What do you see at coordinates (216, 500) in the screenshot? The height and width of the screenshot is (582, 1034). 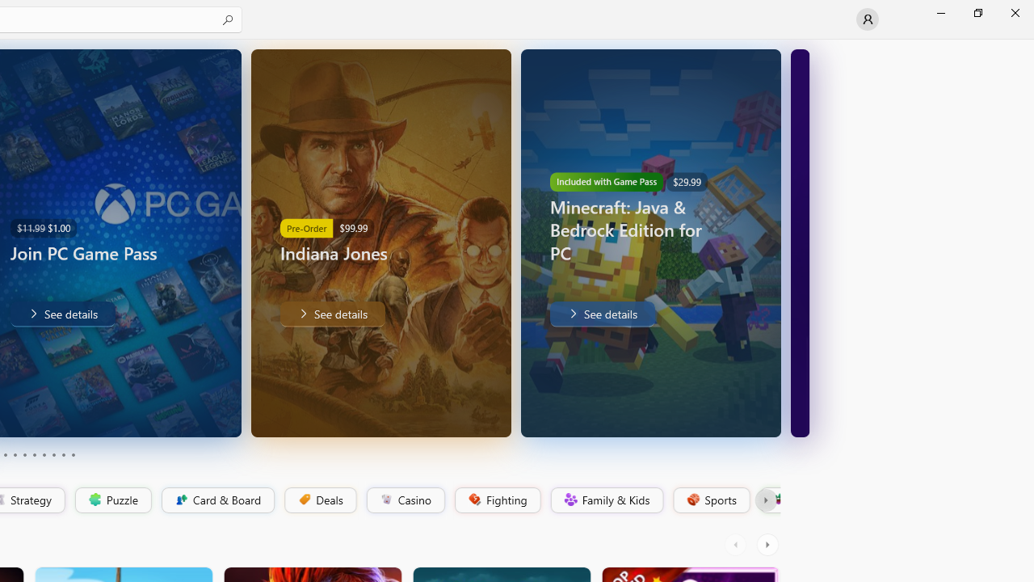 I see `'Card & Board'` at bounding box center [216, 500].